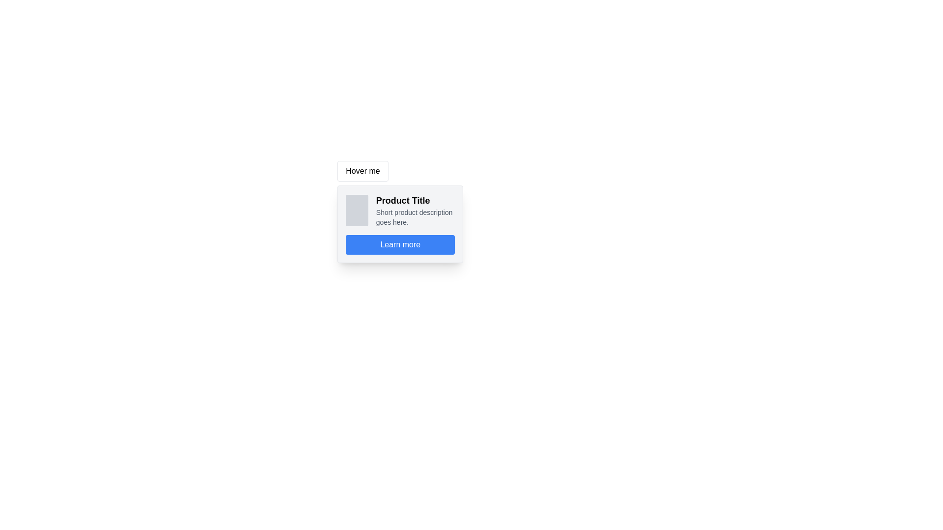 This screenshot has width=943, height=530. I want to click on the static text element that provides a concise description for the product, located below the 'Product Title' within a white card-like section, so click(416, 217).